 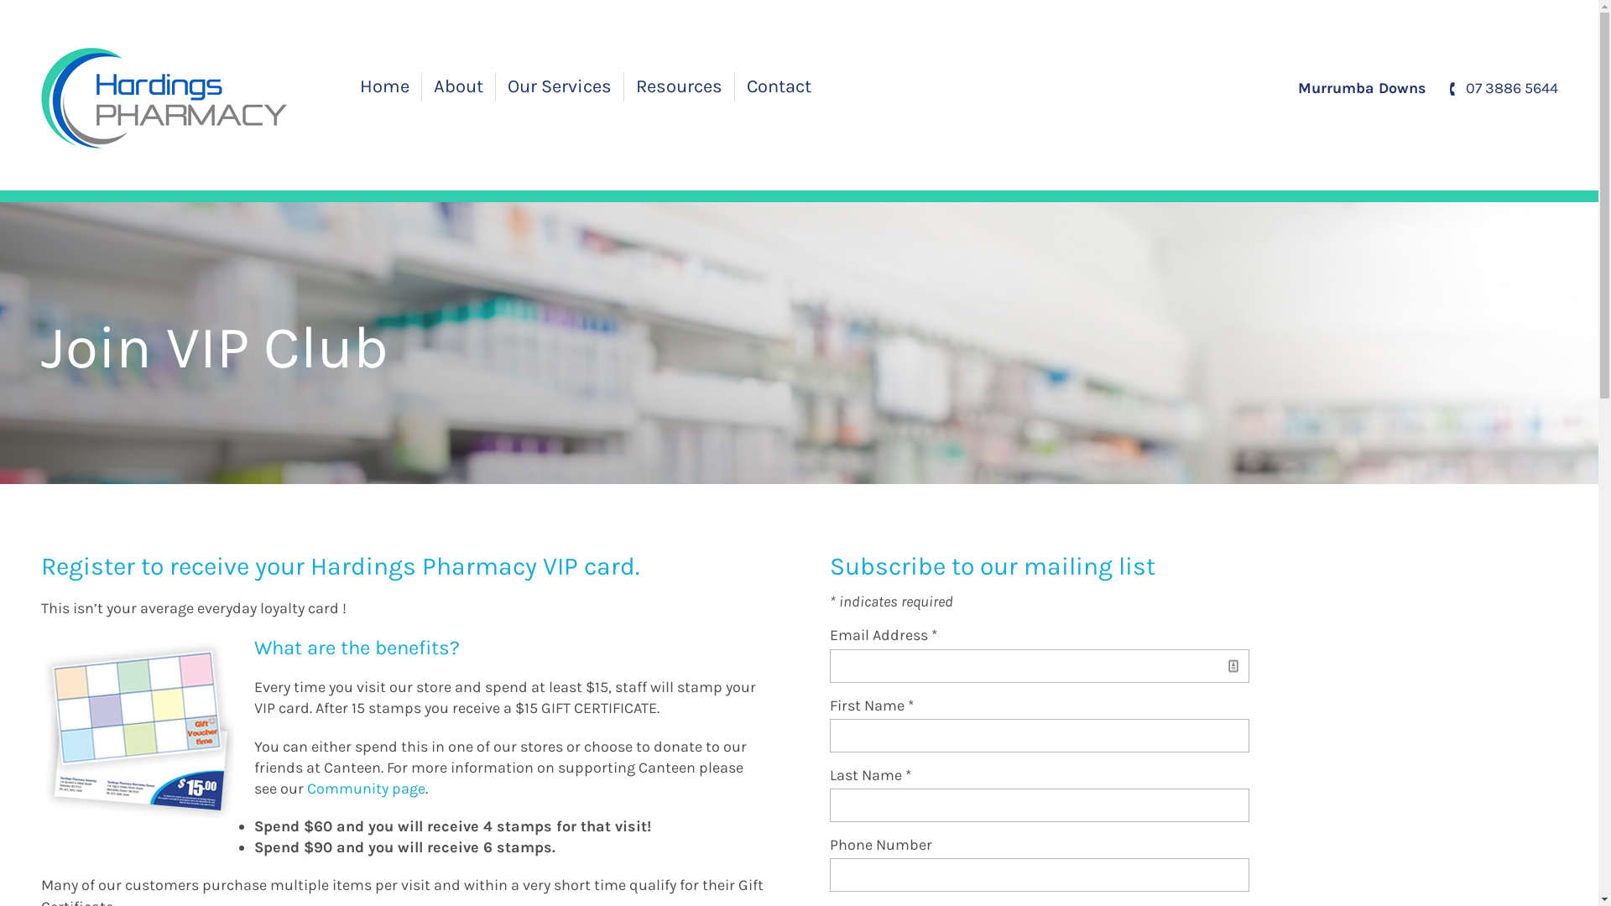 What do you see at coordinates (560, 86) in the screenshot?
I see `'Our Services'` at bounding box center [560, 86].